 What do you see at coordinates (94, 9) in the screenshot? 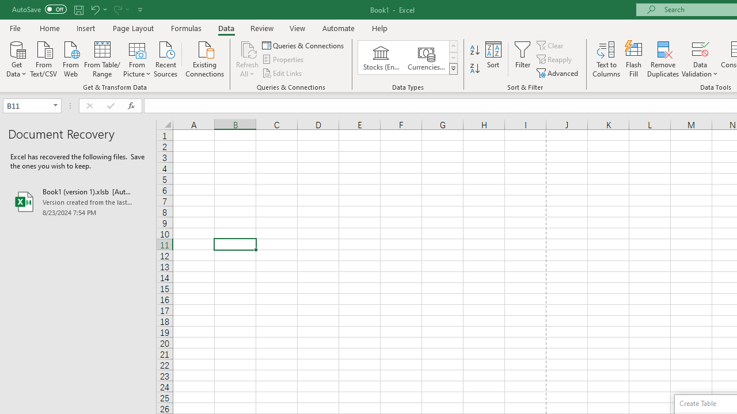
I see `'Undo'` at bounding box center [94, 9].